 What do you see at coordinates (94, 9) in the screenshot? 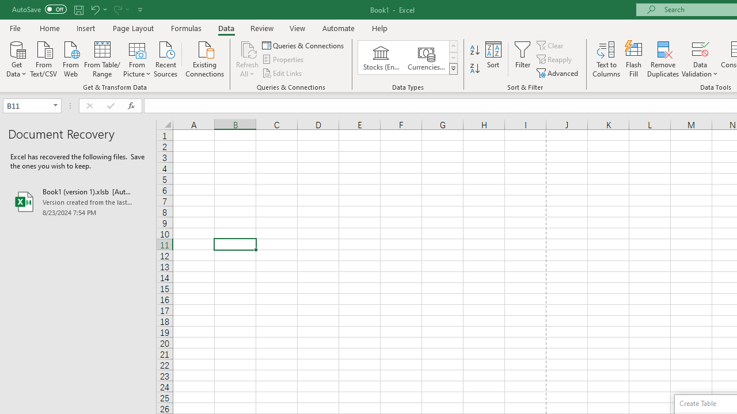
I see `'Undo'` at bounding box center [94, 9].